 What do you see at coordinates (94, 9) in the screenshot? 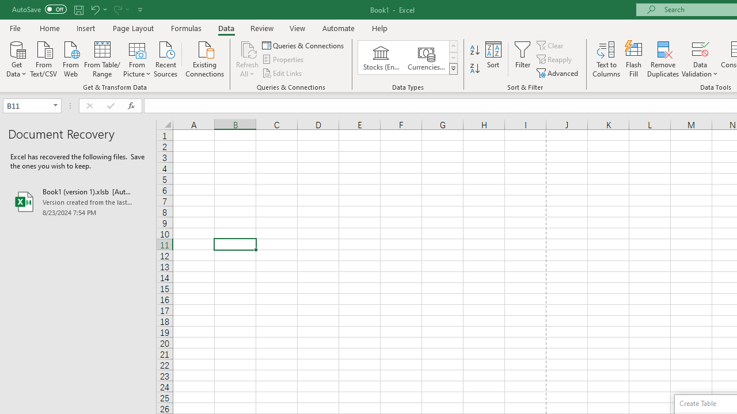
I see `'Undo'` at bounding box center [94, 9].